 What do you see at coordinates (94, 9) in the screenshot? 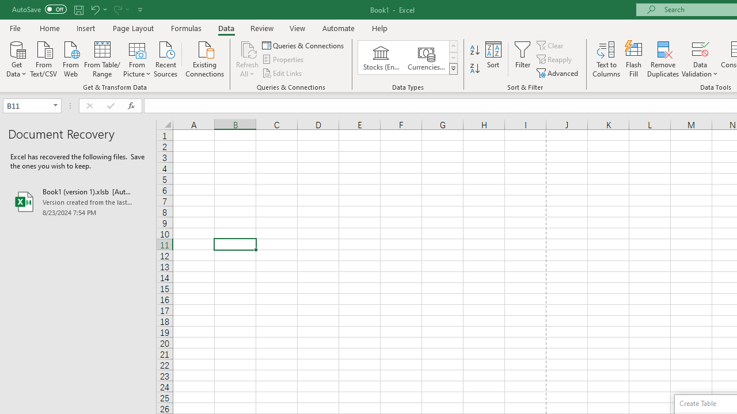
I see `'Undo'` at bounding box center [94, 9].